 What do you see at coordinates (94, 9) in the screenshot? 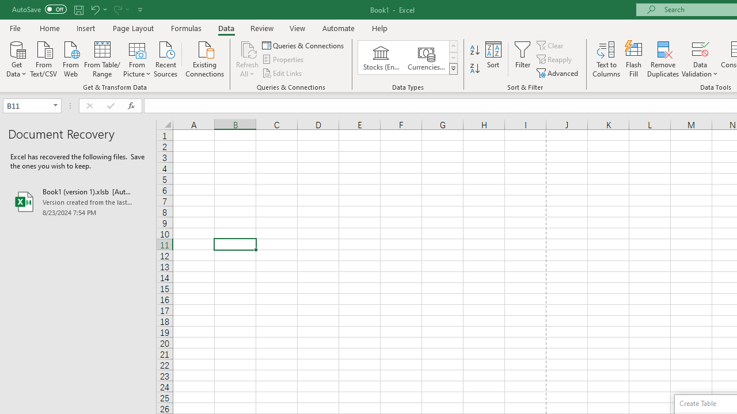
I see `'Undo'` at bounding box center [94, 9].